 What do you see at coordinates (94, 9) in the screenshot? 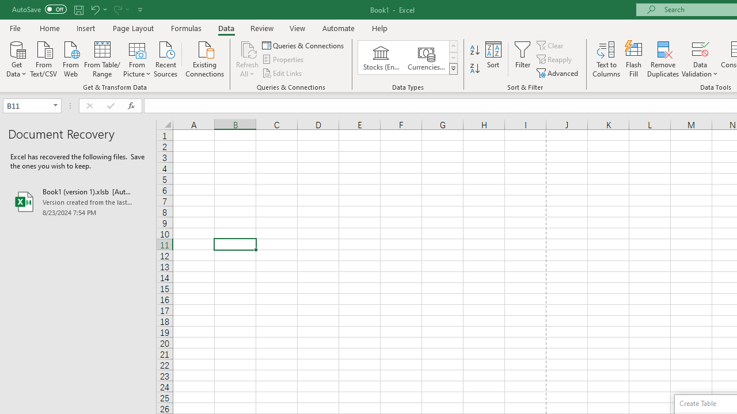
I see `'Undo'` at bounding box center [94, 9].